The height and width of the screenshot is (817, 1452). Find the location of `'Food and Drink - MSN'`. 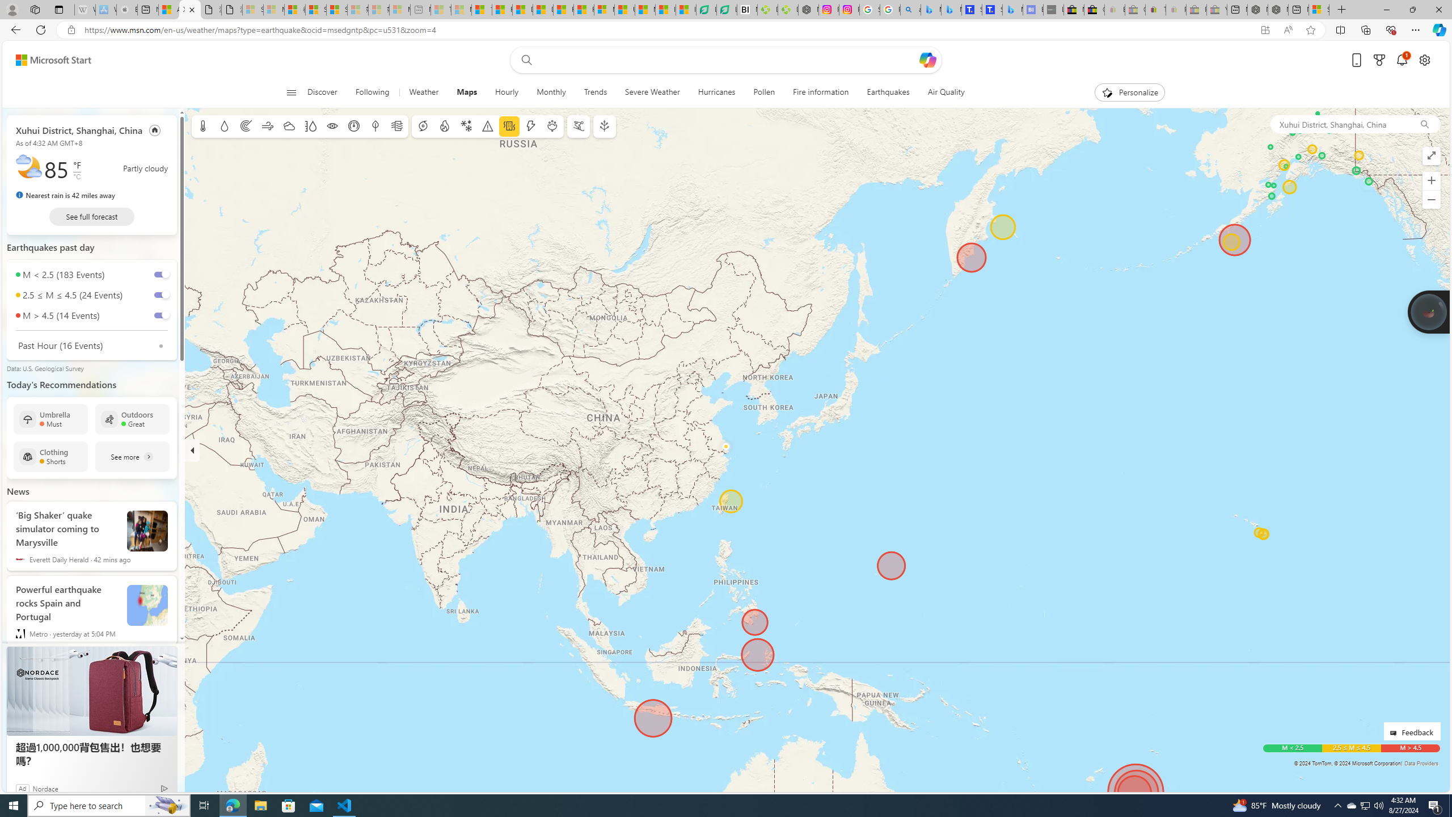

'Food and Drink - MSN' is located at coordinates (501, 9).